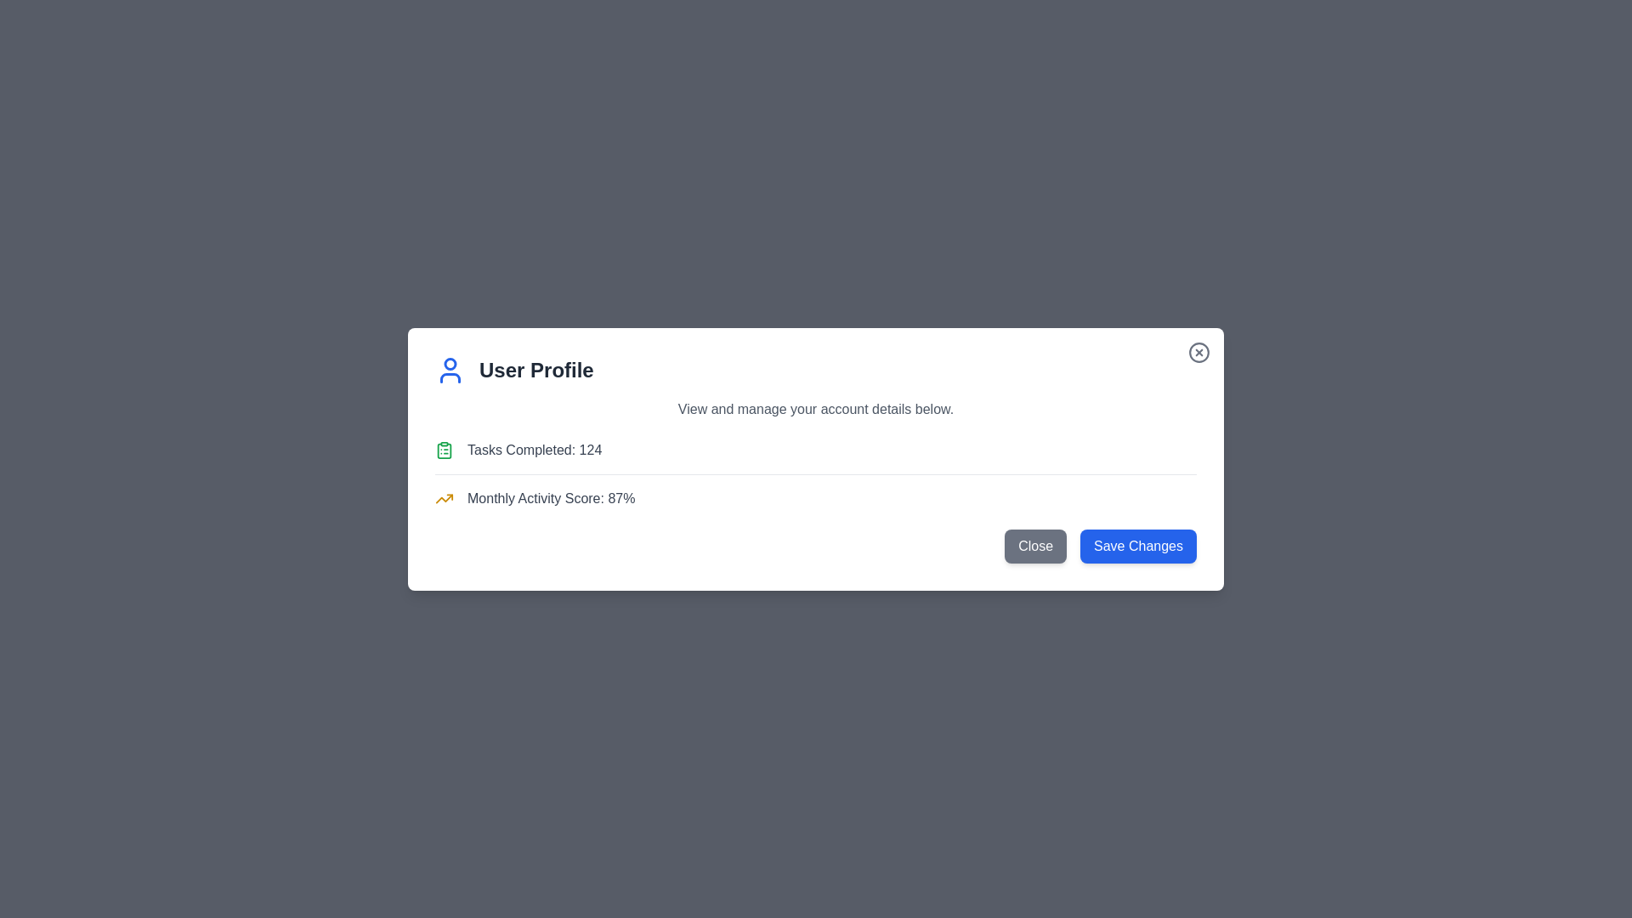 The height and width of the screenshot is (918, 1632). What do you see at coordinates (445, 449) in the screenshot?
I see `the icon representing 'Tasks Completed: 124' in the user profile panel, which is positioned directly to the left of the text` at bounding box center [445, 449].